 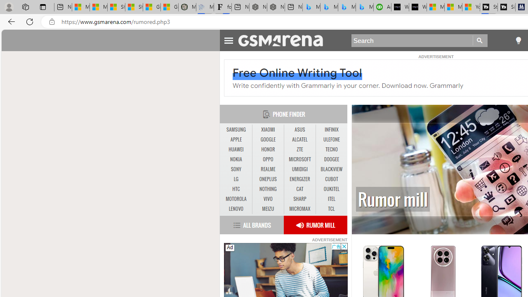 What do you see at coordinates (236, 189) in the screenshot?
I see `'HTC'` at bounding box center [236, 189].